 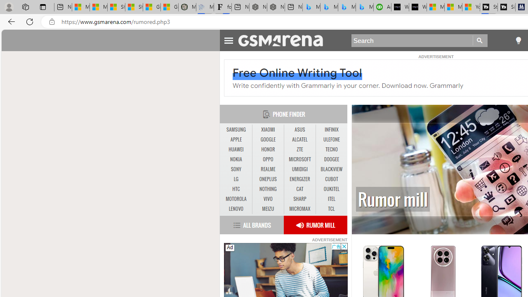 What do you see at coordinates (236, 189) in the screenshot?
I see `'HTC'` at bounding box center [236, 189].